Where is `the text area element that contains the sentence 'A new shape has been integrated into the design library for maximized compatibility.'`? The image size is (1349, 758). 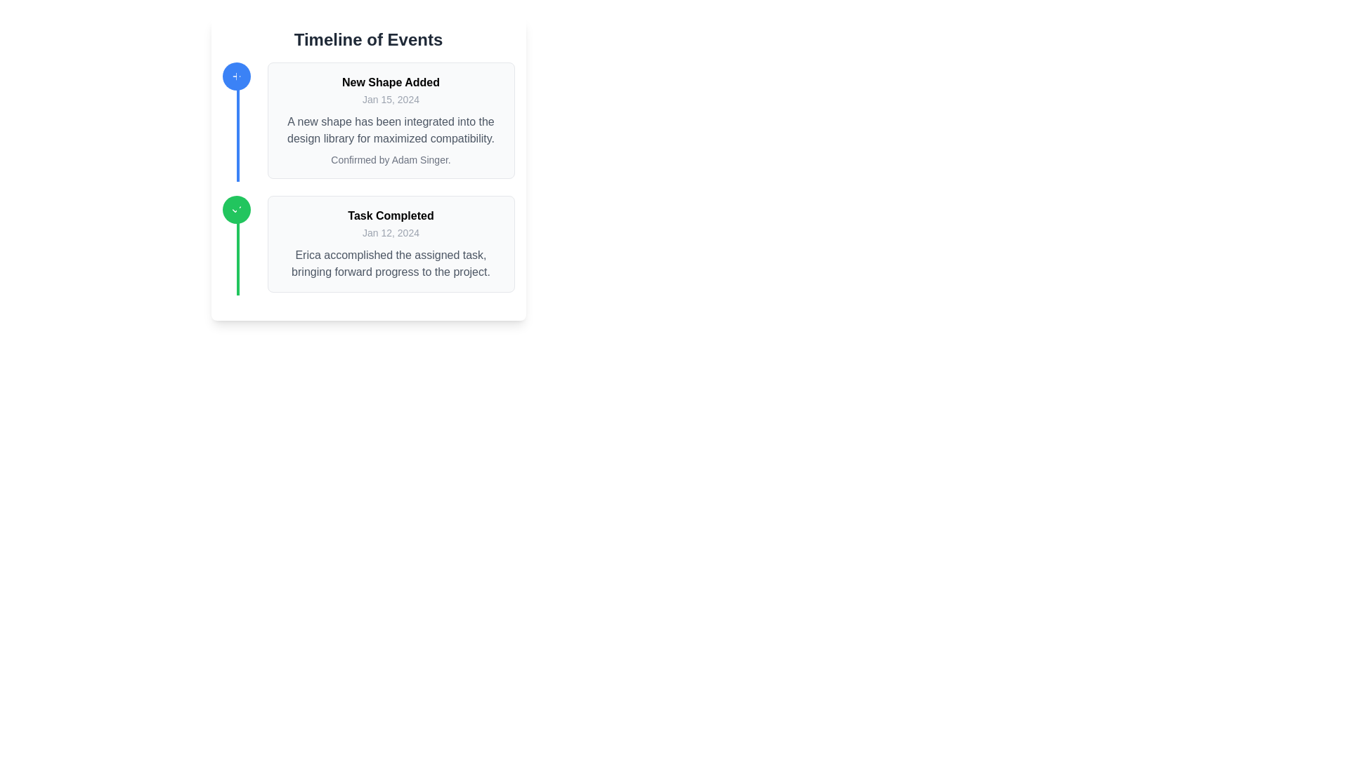 the text area element that contains the sentence 'A new shape has been integrated into the design library for maximized compatibility.' is located at coordinates (391, 130).